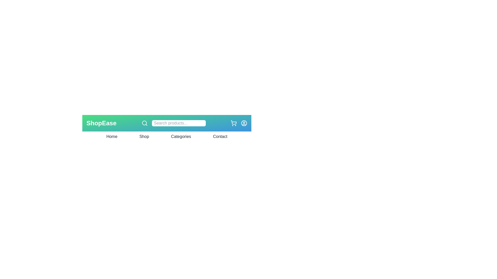 This screenshot has width=497, height=279. I want to click on the navigation link labeled Categories, so click(181, 136).